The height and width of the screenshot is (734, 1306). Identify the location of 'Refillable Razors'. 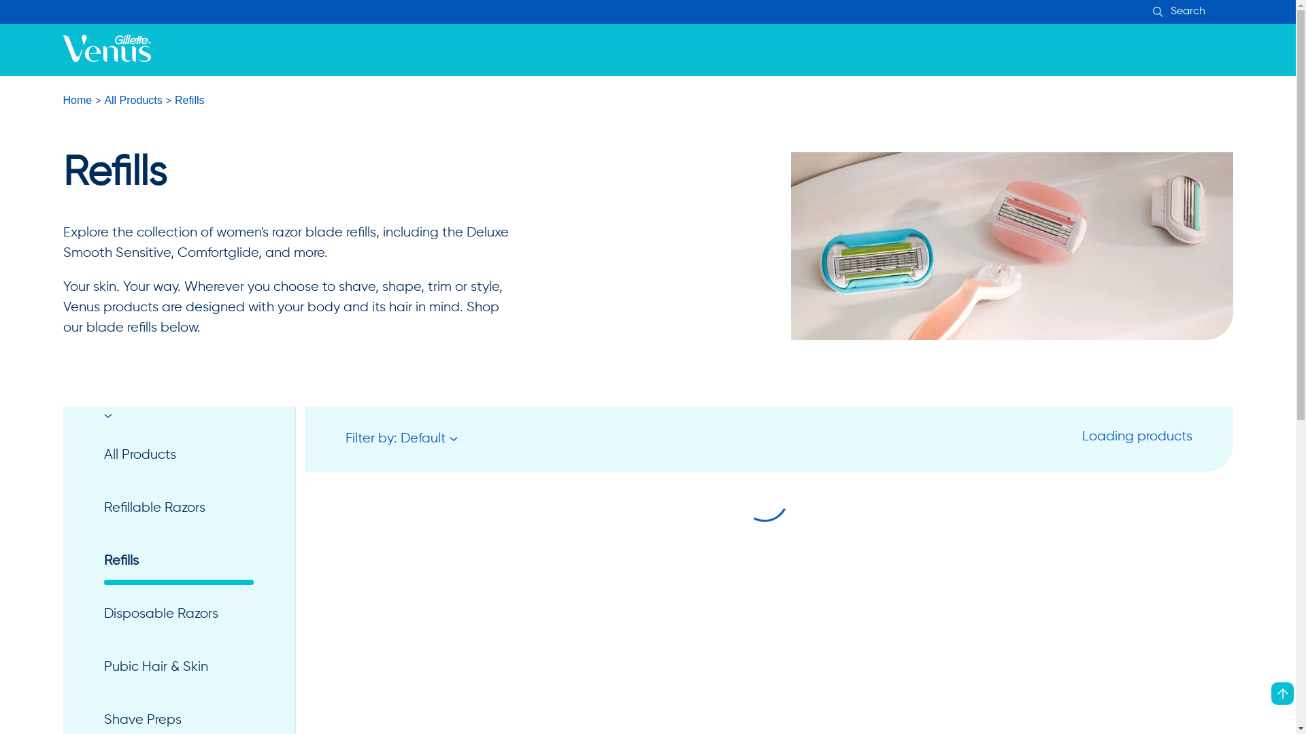
(178, 508).